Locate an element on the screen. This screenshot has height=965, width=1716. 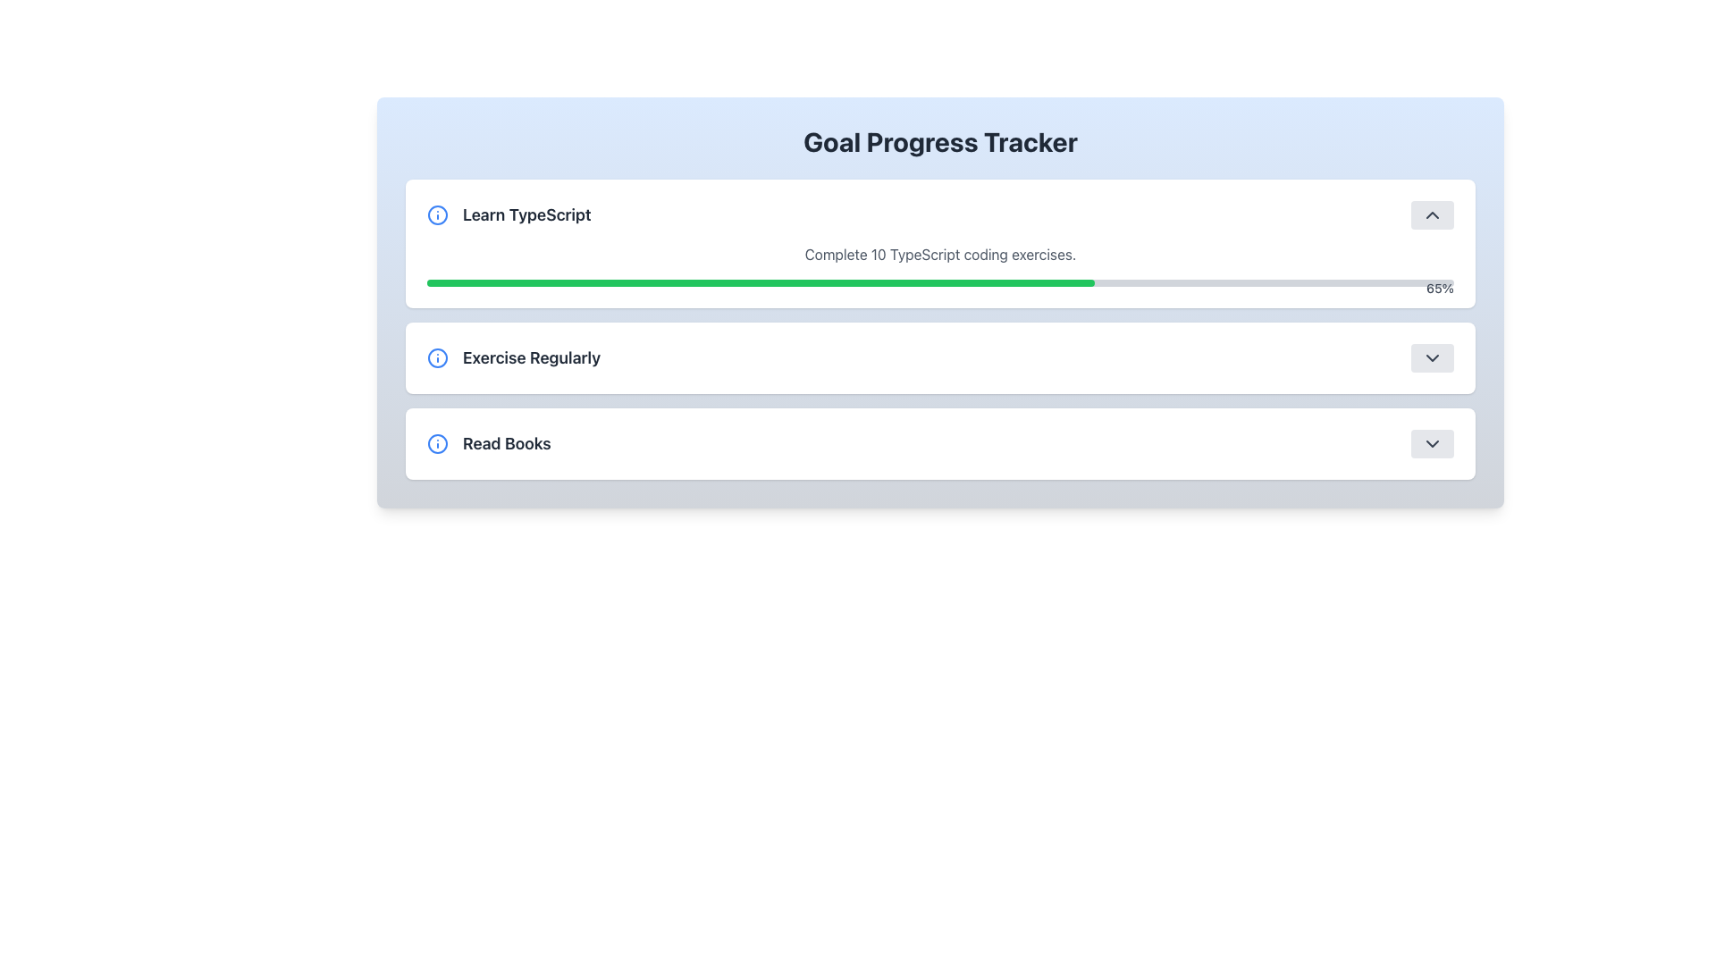
the icon button with an upward-pointing chevron located on the rightmost side of the 'Learn TypeScript' section is located at coordinates (1433, 214).